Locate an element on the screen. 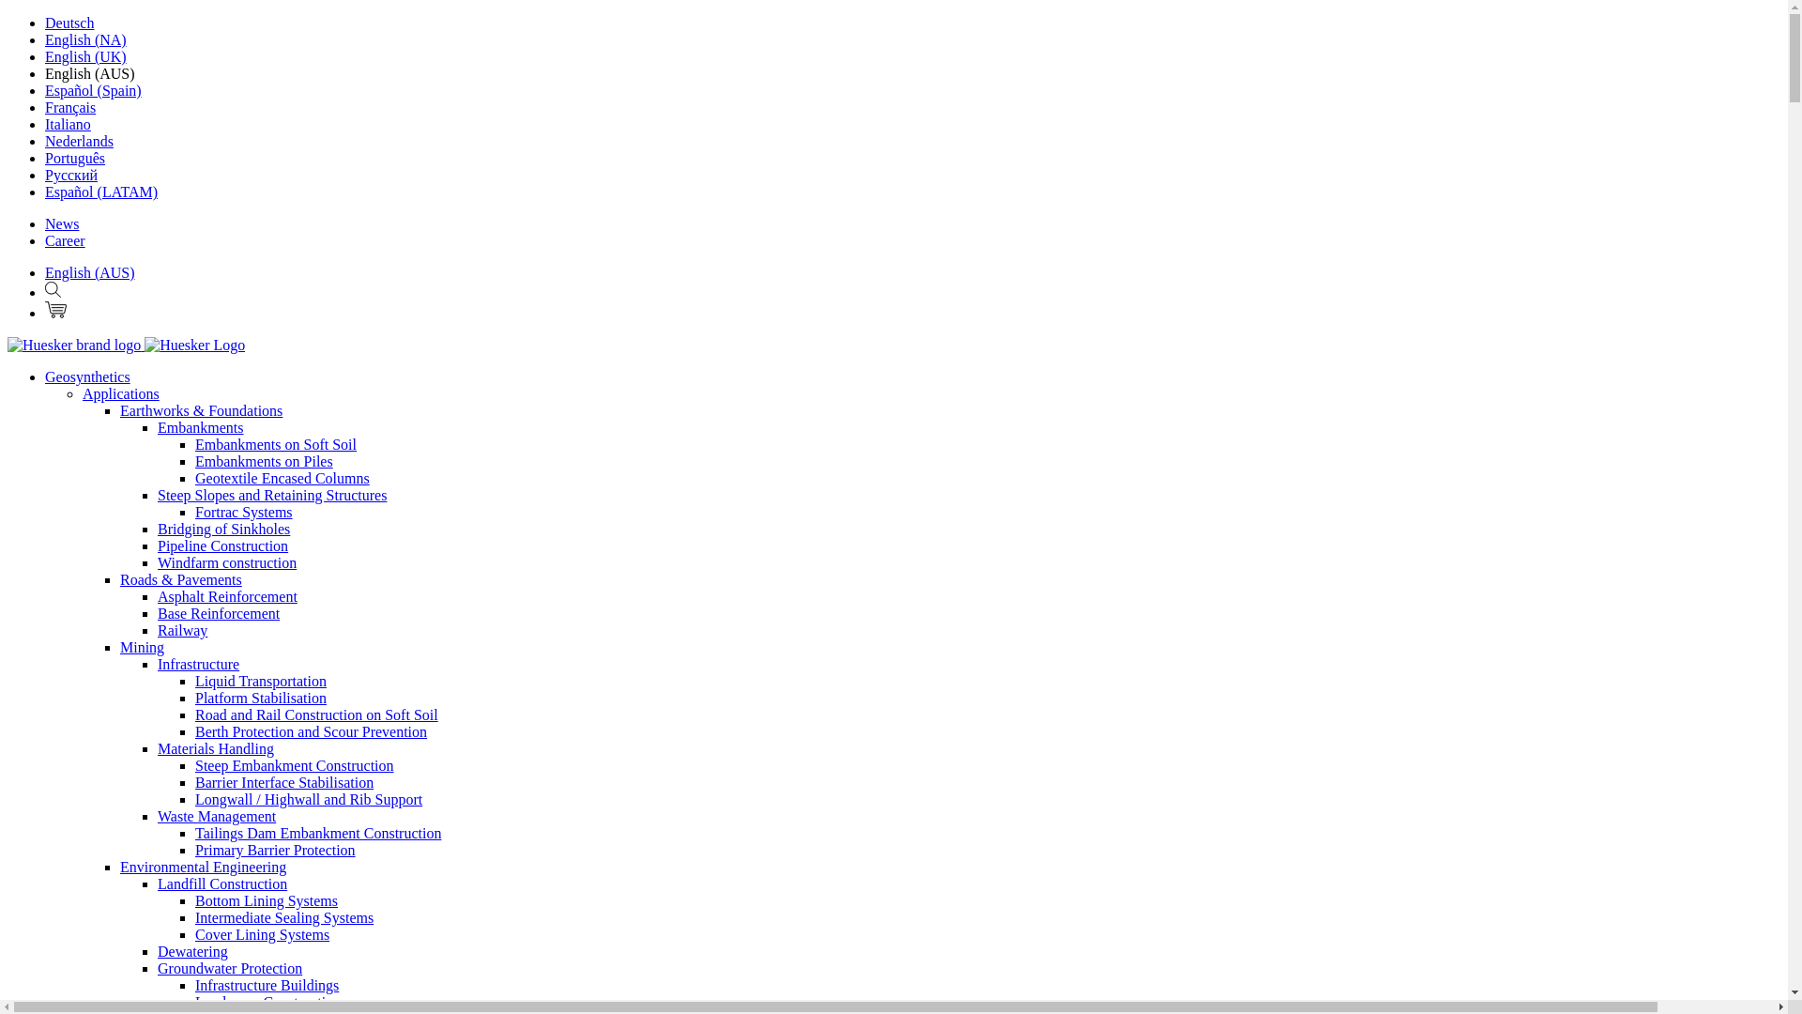  'Railway' is located at coordinates (182, 630).